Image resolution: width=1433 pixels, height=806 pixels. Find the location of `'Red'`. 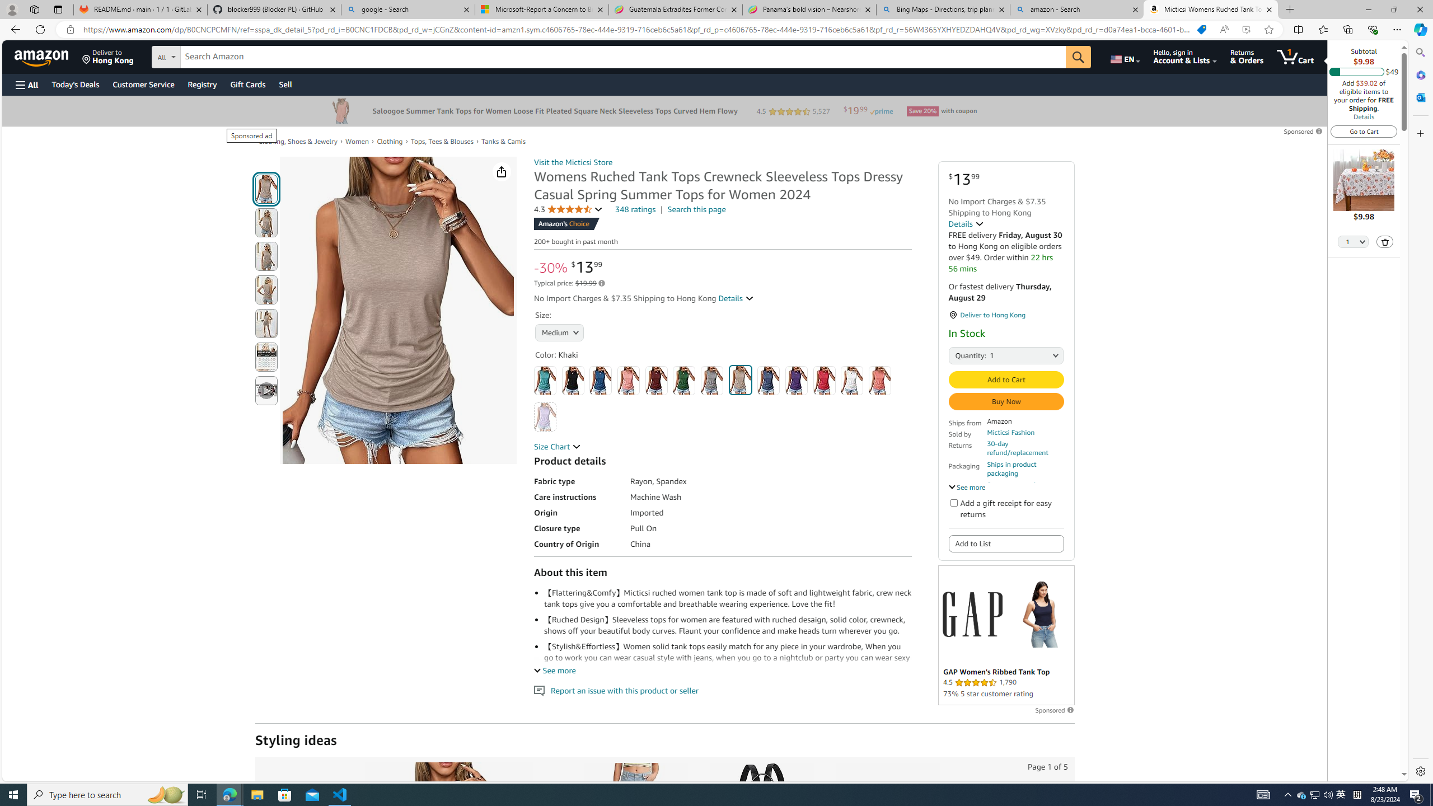

'Red' is located at coordinates (824, 380).